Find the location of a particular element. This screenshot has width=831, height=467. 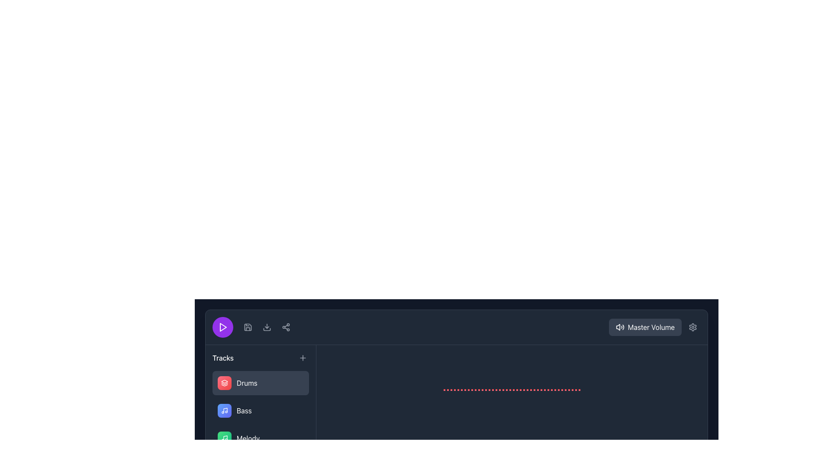

the icon depicting three stacked layers, styled in white, within a circular gradient-filled button transitioning from rose-pink to red is located at coordinates (224, 383).